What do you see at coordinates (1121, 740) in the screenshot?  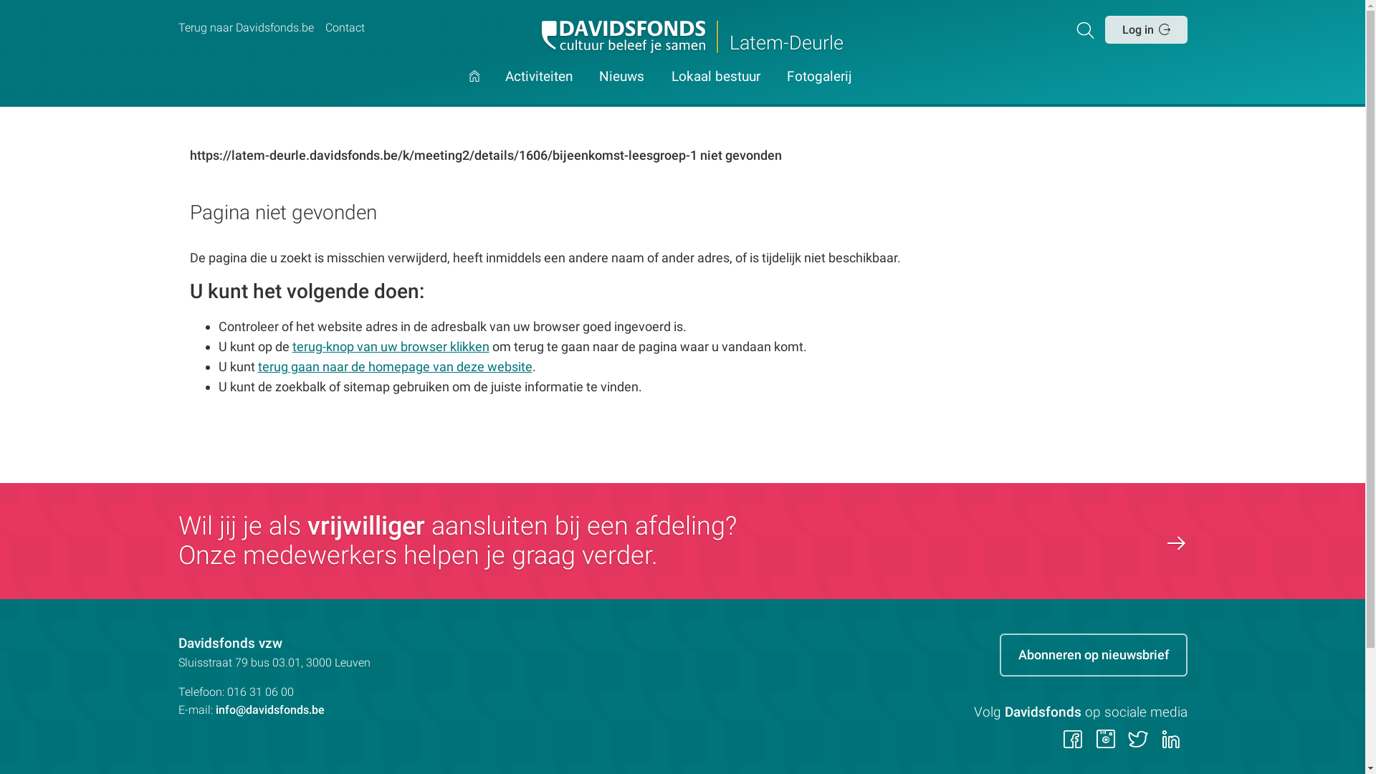 I see `'Volg ons op Twitter'` at bounding box center [1121, 740].